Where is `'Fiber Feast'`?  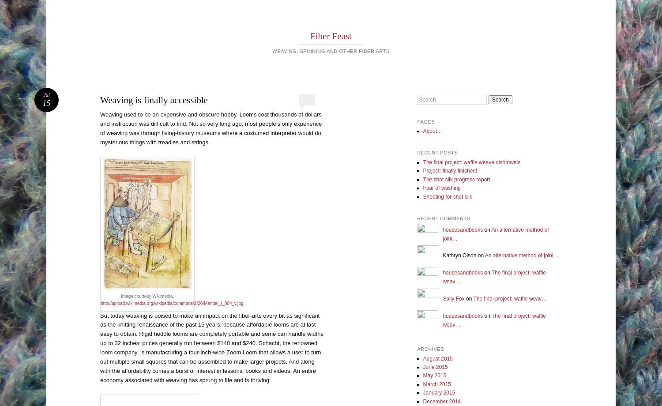
'Fiber Feast' is located at coordinates (330, 36).